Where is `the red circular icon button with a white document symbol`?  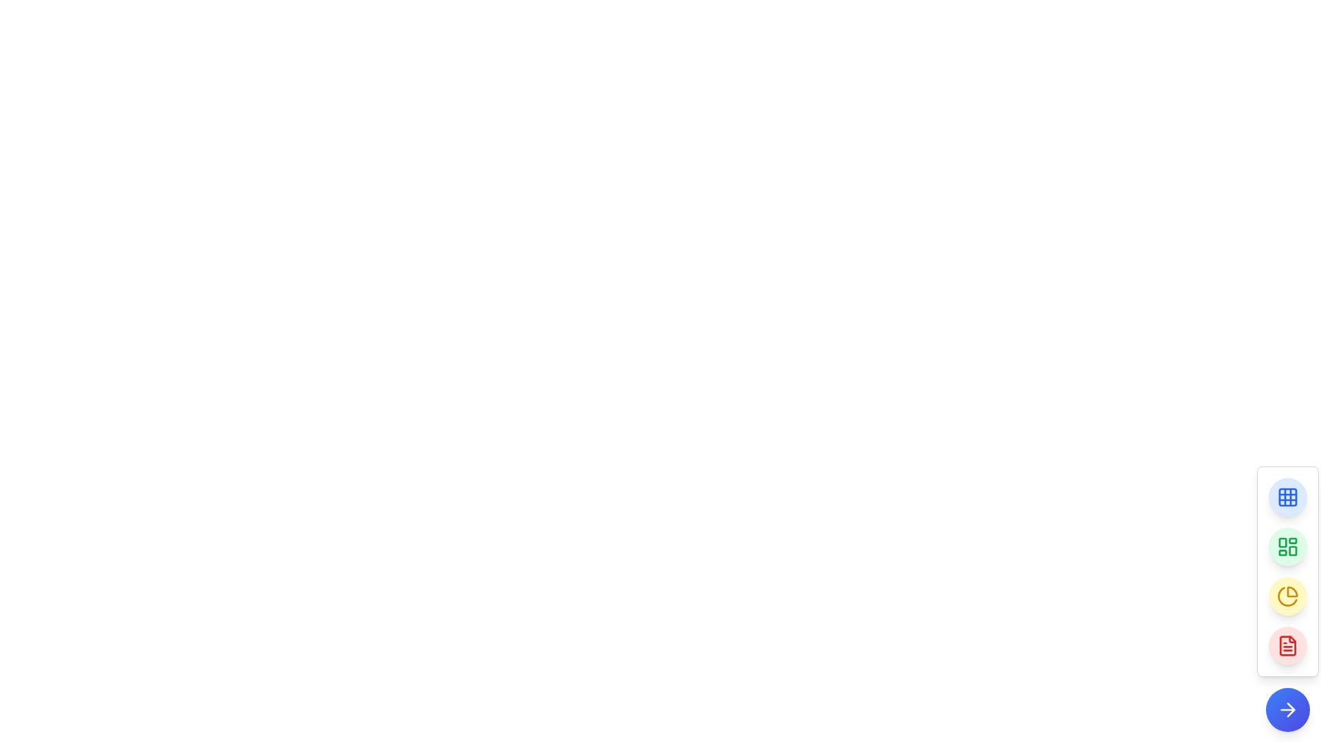
the red circular icon button with a white document symbol is located at coordinates (1287, 645).